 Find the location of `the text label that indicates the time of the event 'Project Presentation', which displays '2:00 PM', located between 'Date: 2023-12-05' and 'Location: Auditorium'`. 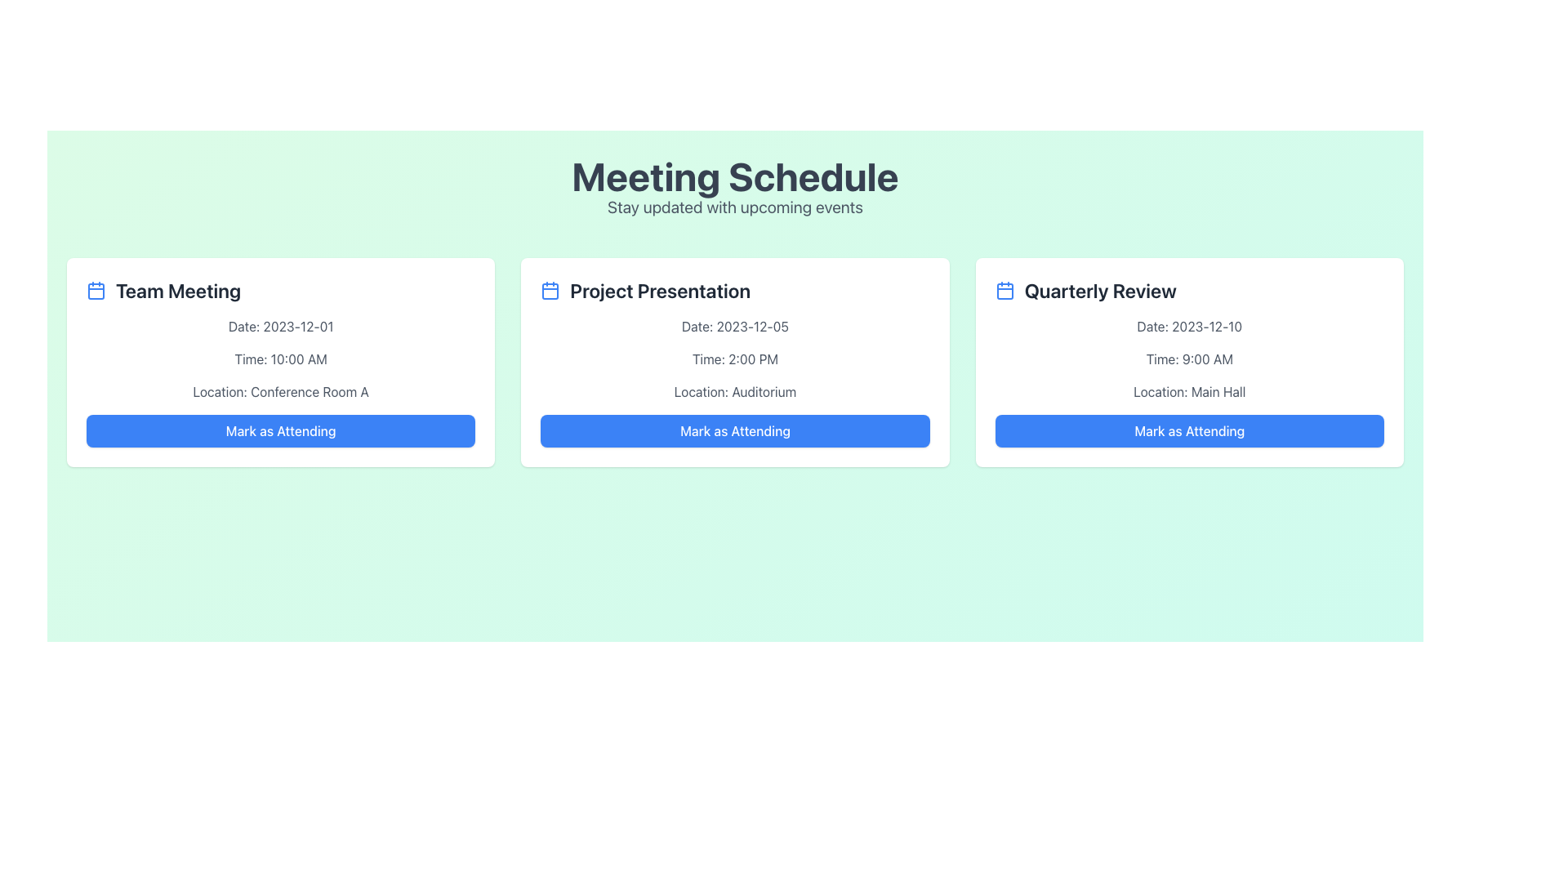

the text label that indicates the time of the event 'Project Presentation', which displays '2:00 PM', located between 'Date: 2023-12-05' and 'Location: Auditorium' is located at coordinates (734, 358).